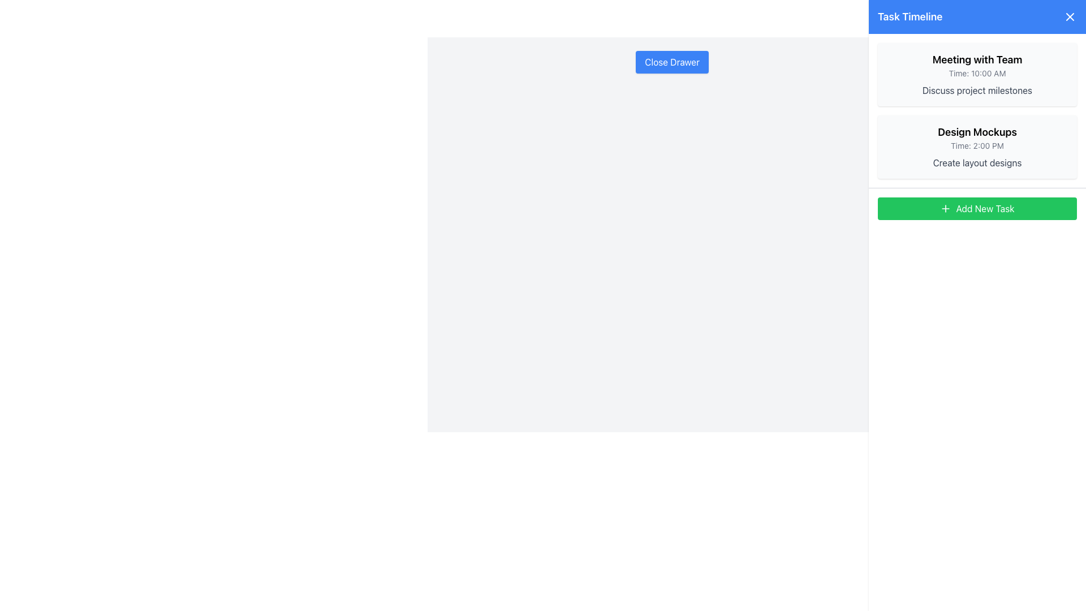 This screenshot has height=611, width=1086. I want to click on the 'Task Timeline' text label which is a bold, large-sized title in a blue header bar, positioned centrally and slightly downward within the header, so click(910, 17).